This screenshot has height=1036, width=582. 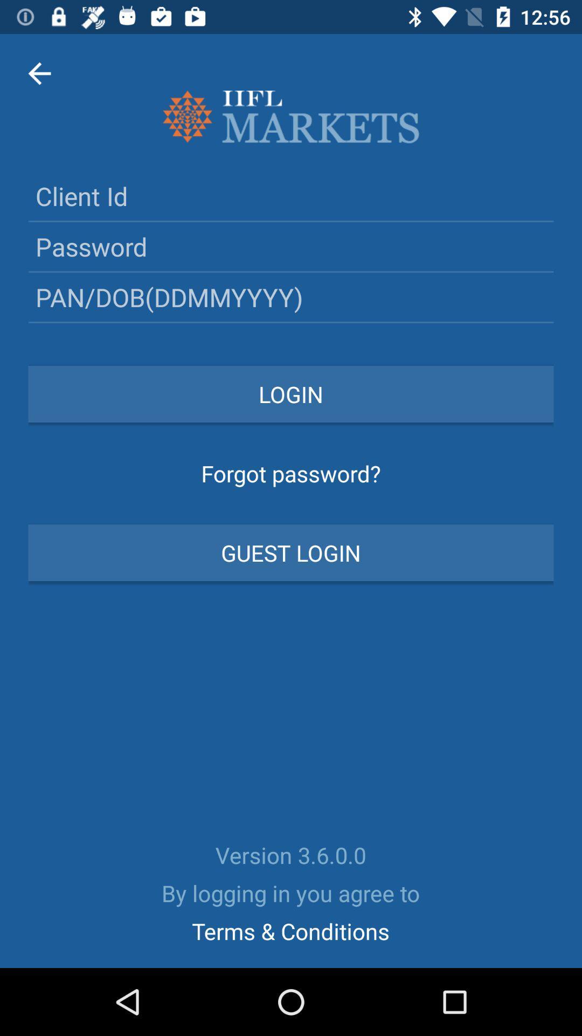 What do you see at coordinates (291, 196) in the screenshot?
I see `the client id iption` at bounding box center [291, 196].